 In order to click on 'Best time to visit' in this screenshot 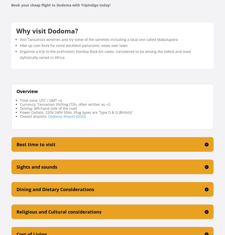, I will do `click(36, 144)`.